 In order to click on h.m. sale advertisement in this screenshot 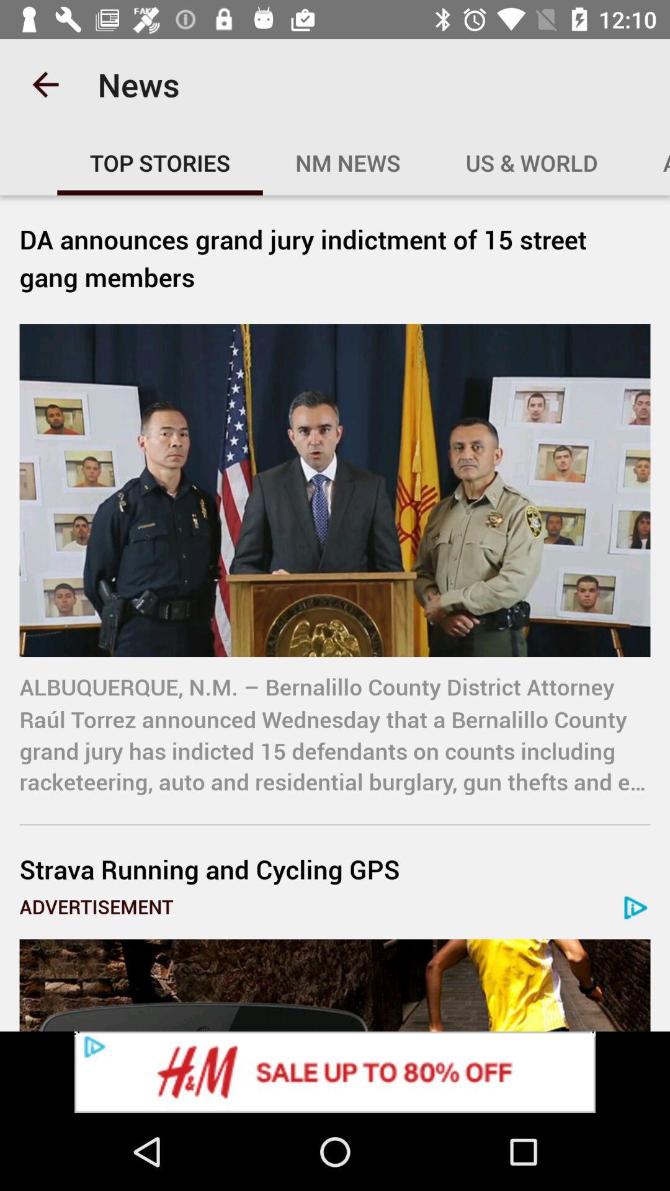, I will do `click(335, 1071)`.